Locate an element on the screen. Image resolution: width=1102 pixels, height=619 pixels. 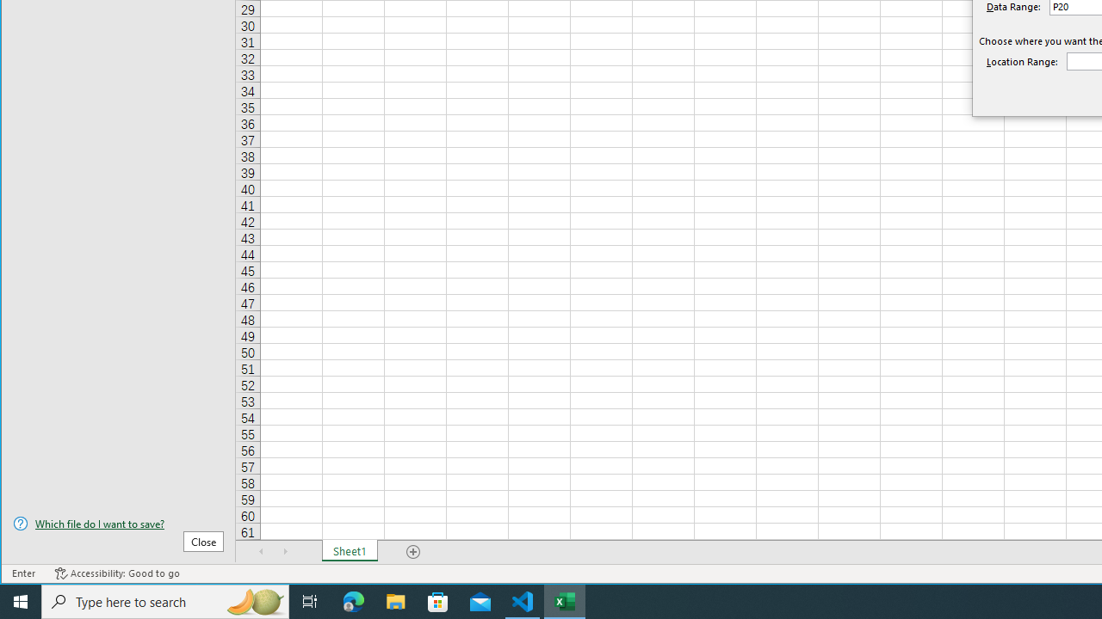
'Accessibility Checker Accessibility: Good to go' is located at coordinates (116, 573).